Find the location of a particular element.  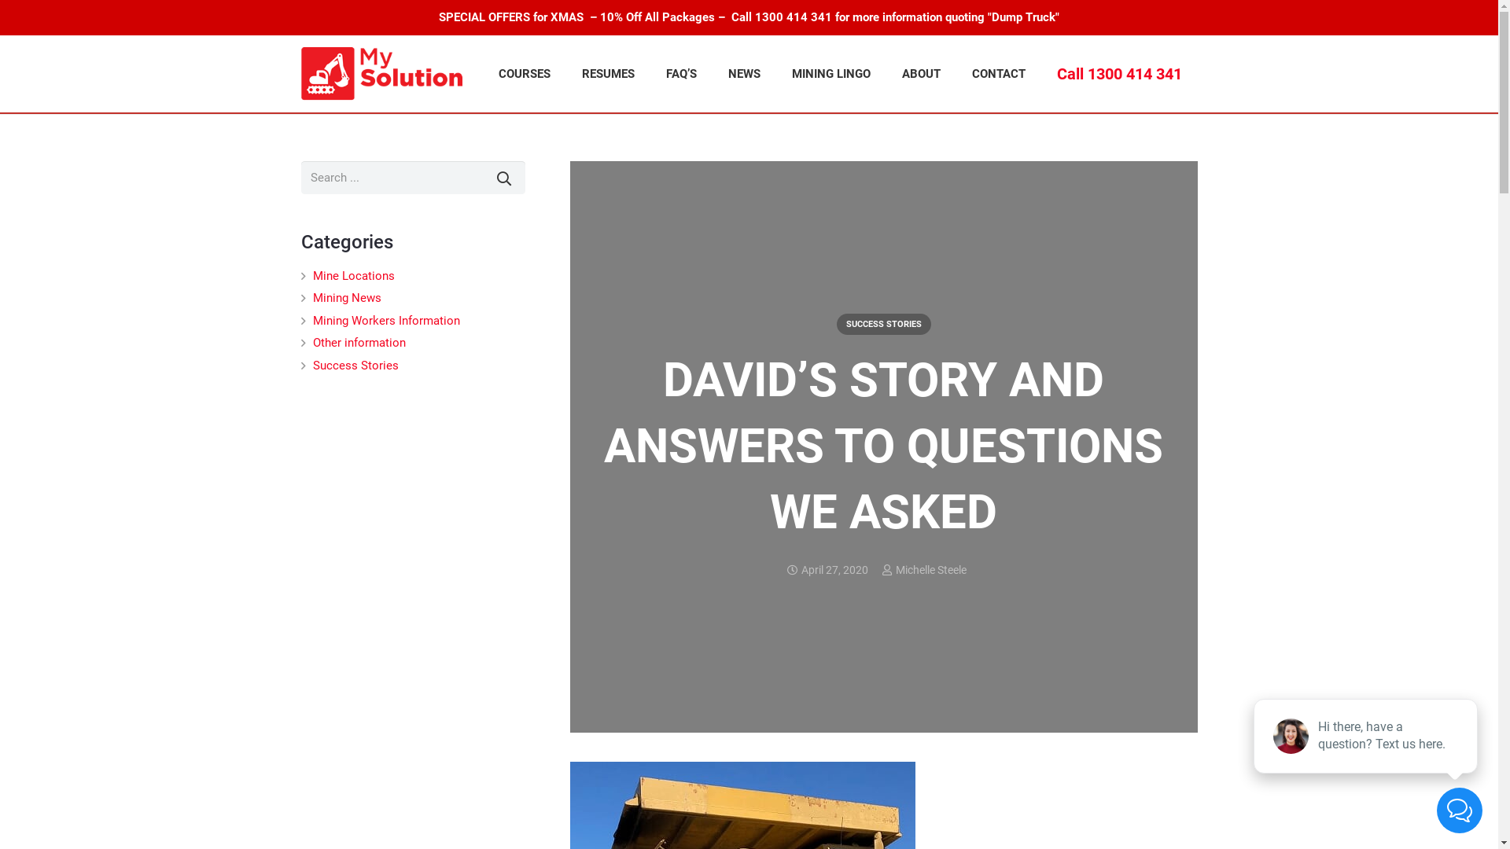

'CONTACT' is located at coordinates (998, 73).